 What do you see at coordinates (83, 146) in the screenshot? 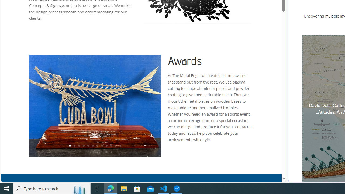
I see `'4'` at bounding box center [83, 146].